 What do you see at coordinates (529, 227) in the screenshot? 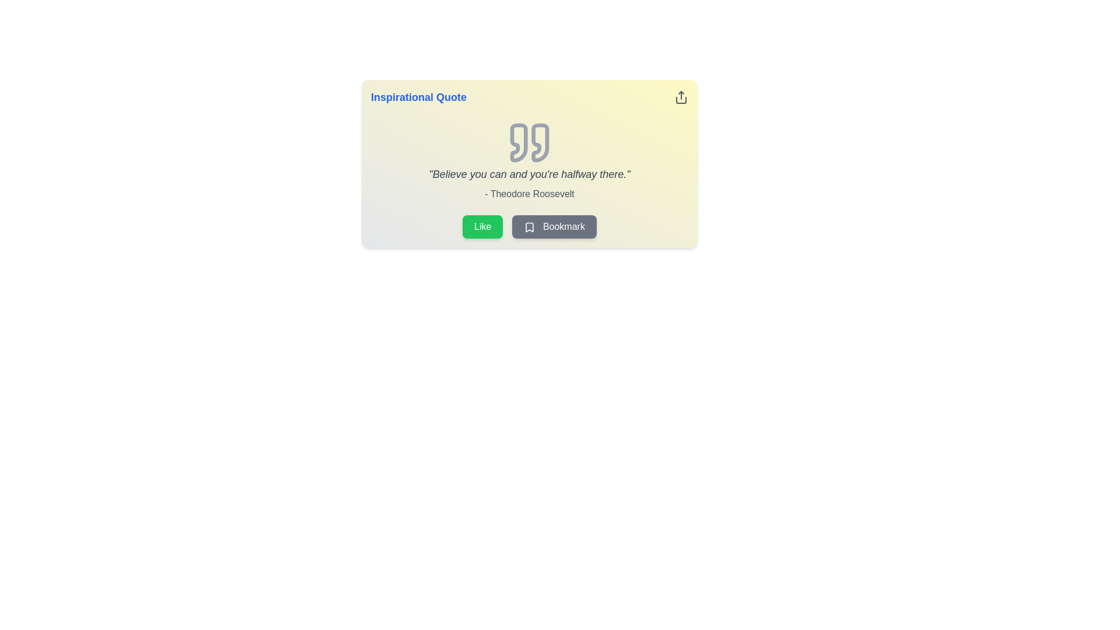
I see `the bookmark icon located within the 'Bookmark' button below the quote` at bounding box center [529, 227].